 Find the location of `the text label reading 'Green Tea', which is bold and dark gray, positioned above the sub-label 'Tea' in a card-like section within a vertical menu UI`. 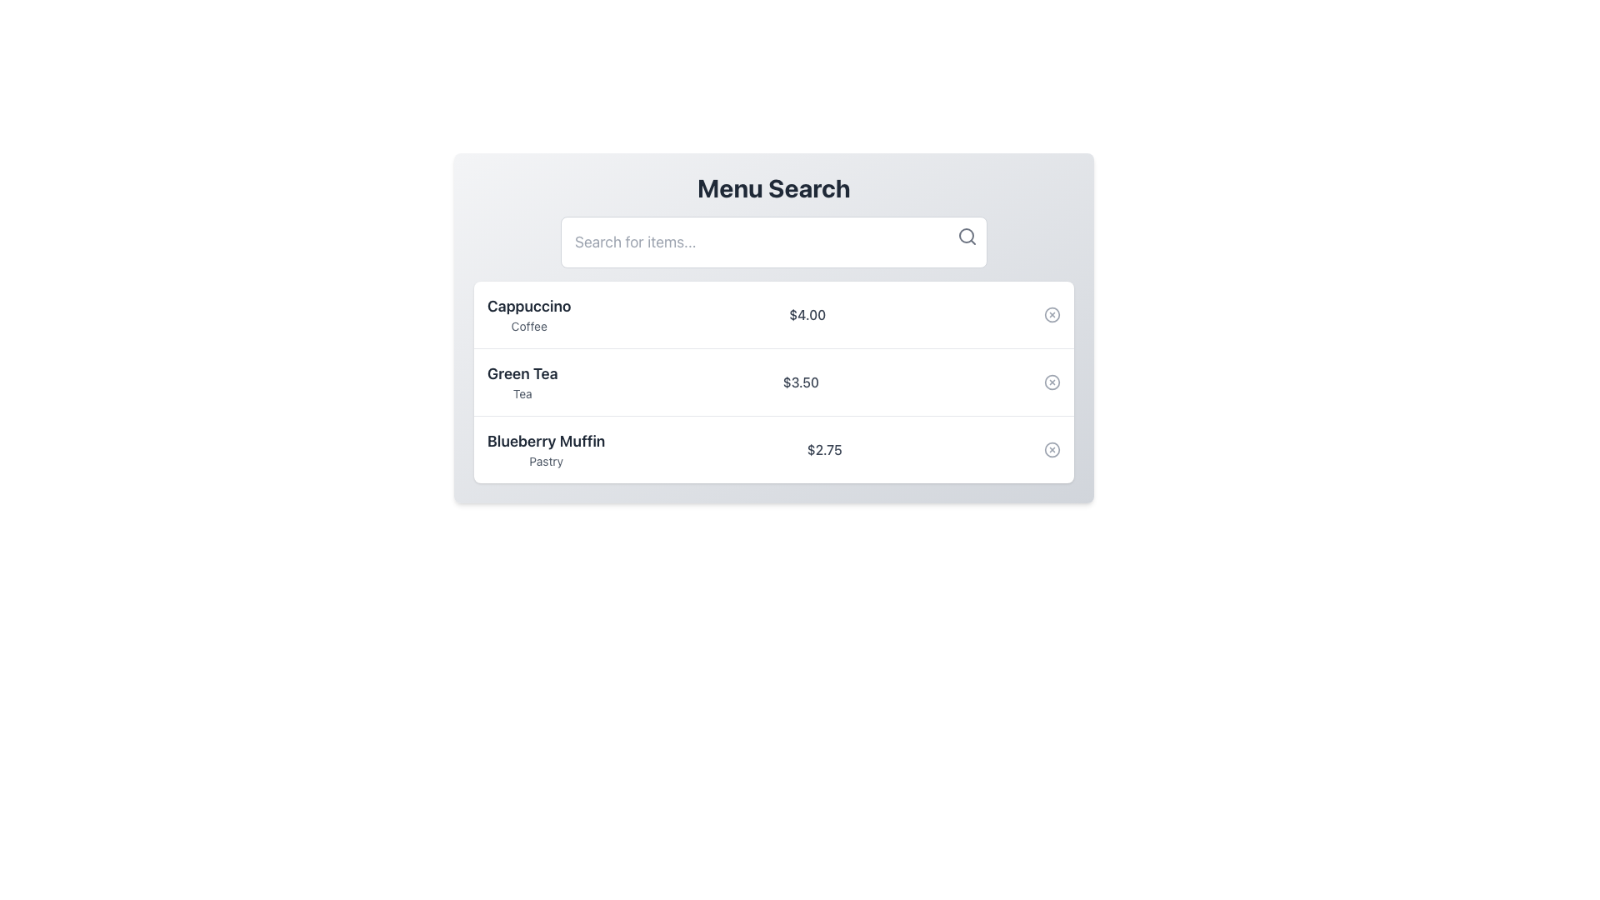

the text label reading 'Green Tea', which is bold and dark gray, positioned above the sub-label 'Tea' in a card-like section within a vertical menu UI is located at coordinates (522, 372).